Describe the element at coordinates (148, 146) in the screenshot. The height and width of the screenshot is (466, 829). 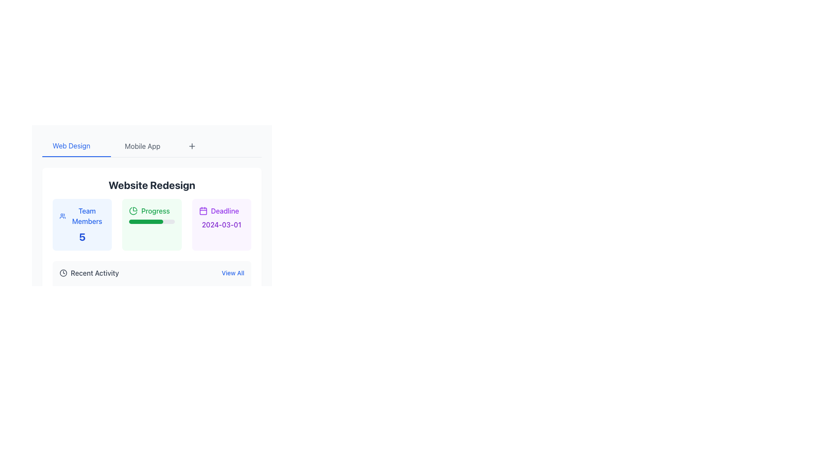
I see `the 'Mobile App' tab, which is styled with gray text and is positioned between the 'Web Design' tab and a '+' action button` at that location.